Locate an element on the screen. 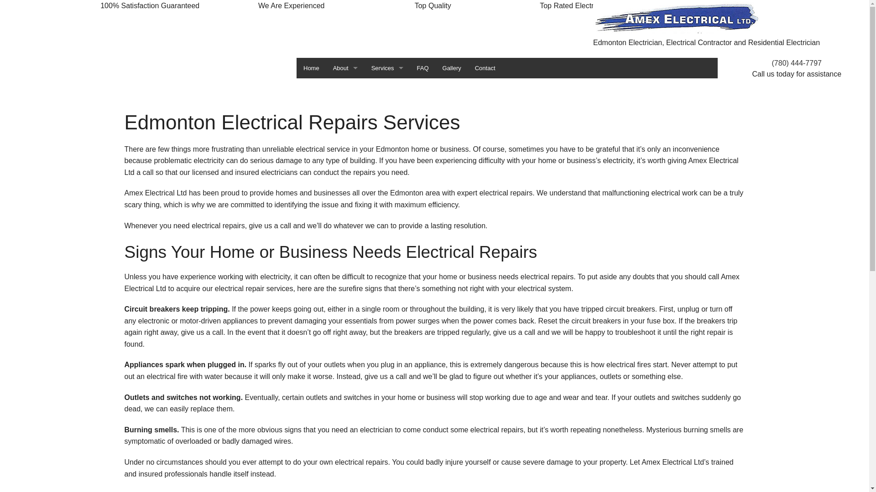 This screenshot has width=876, height=492. 'Home Automation' is located at coordinates (387, 129).